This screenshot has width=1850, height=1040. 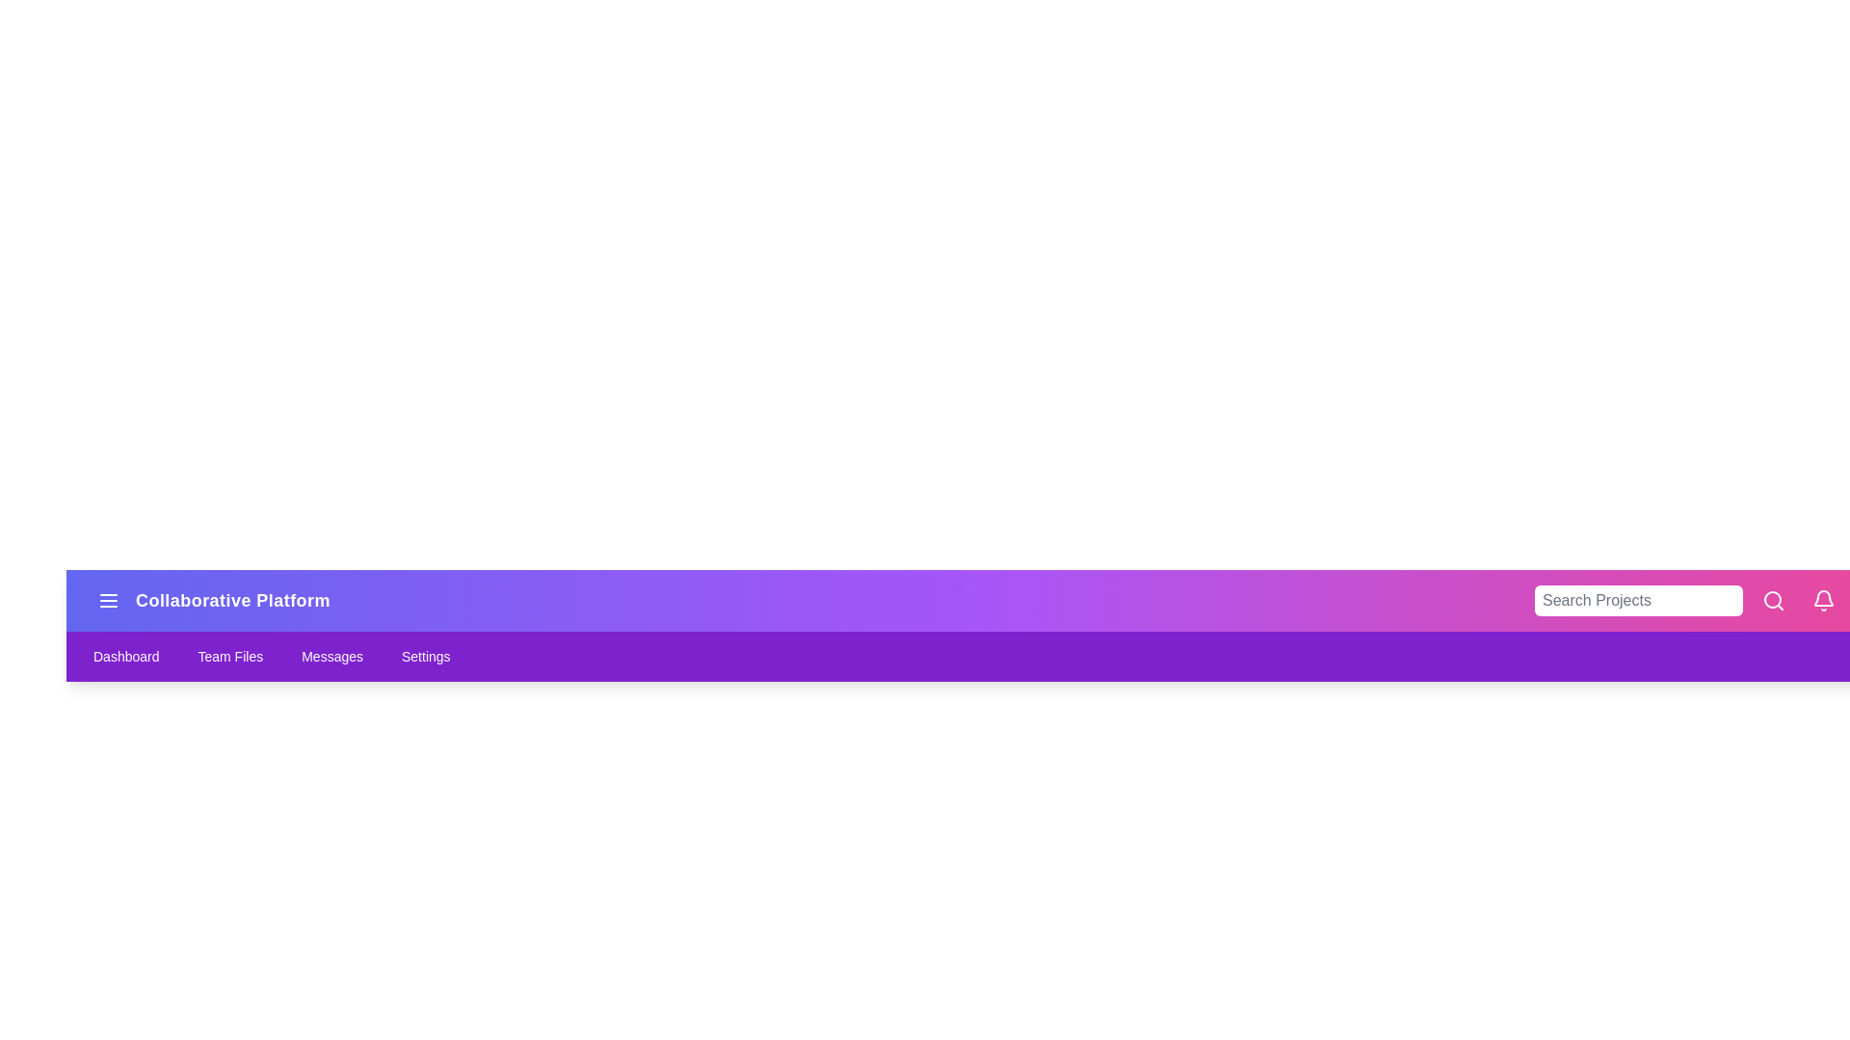 What do you see at coordinates (108, 600) in the screenshot?
I see `the Icon button, which is a horizontally-oriented button with three horizontal lines, located at the left edge of the top navigation bar, to activate hover effects` at bounding box center [108, 600].